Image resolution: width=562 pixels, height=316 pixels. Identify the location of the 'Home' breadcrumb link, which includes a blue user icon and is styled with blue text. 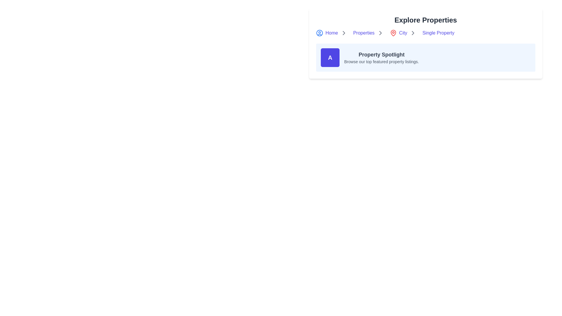
(333, 33).